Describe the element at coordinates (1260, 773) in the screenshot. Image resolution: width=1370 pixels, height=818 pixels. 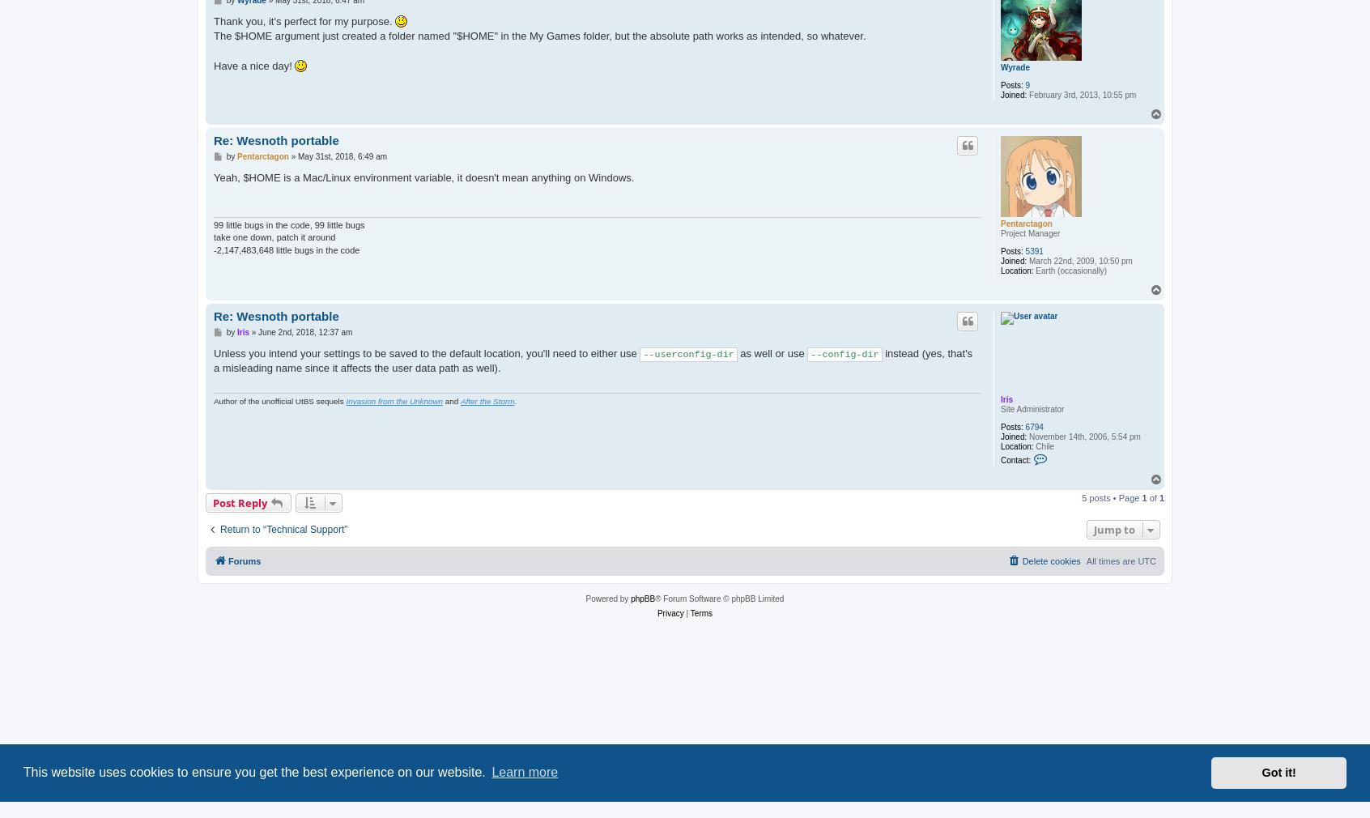
I see `'Got it!'` at that location.